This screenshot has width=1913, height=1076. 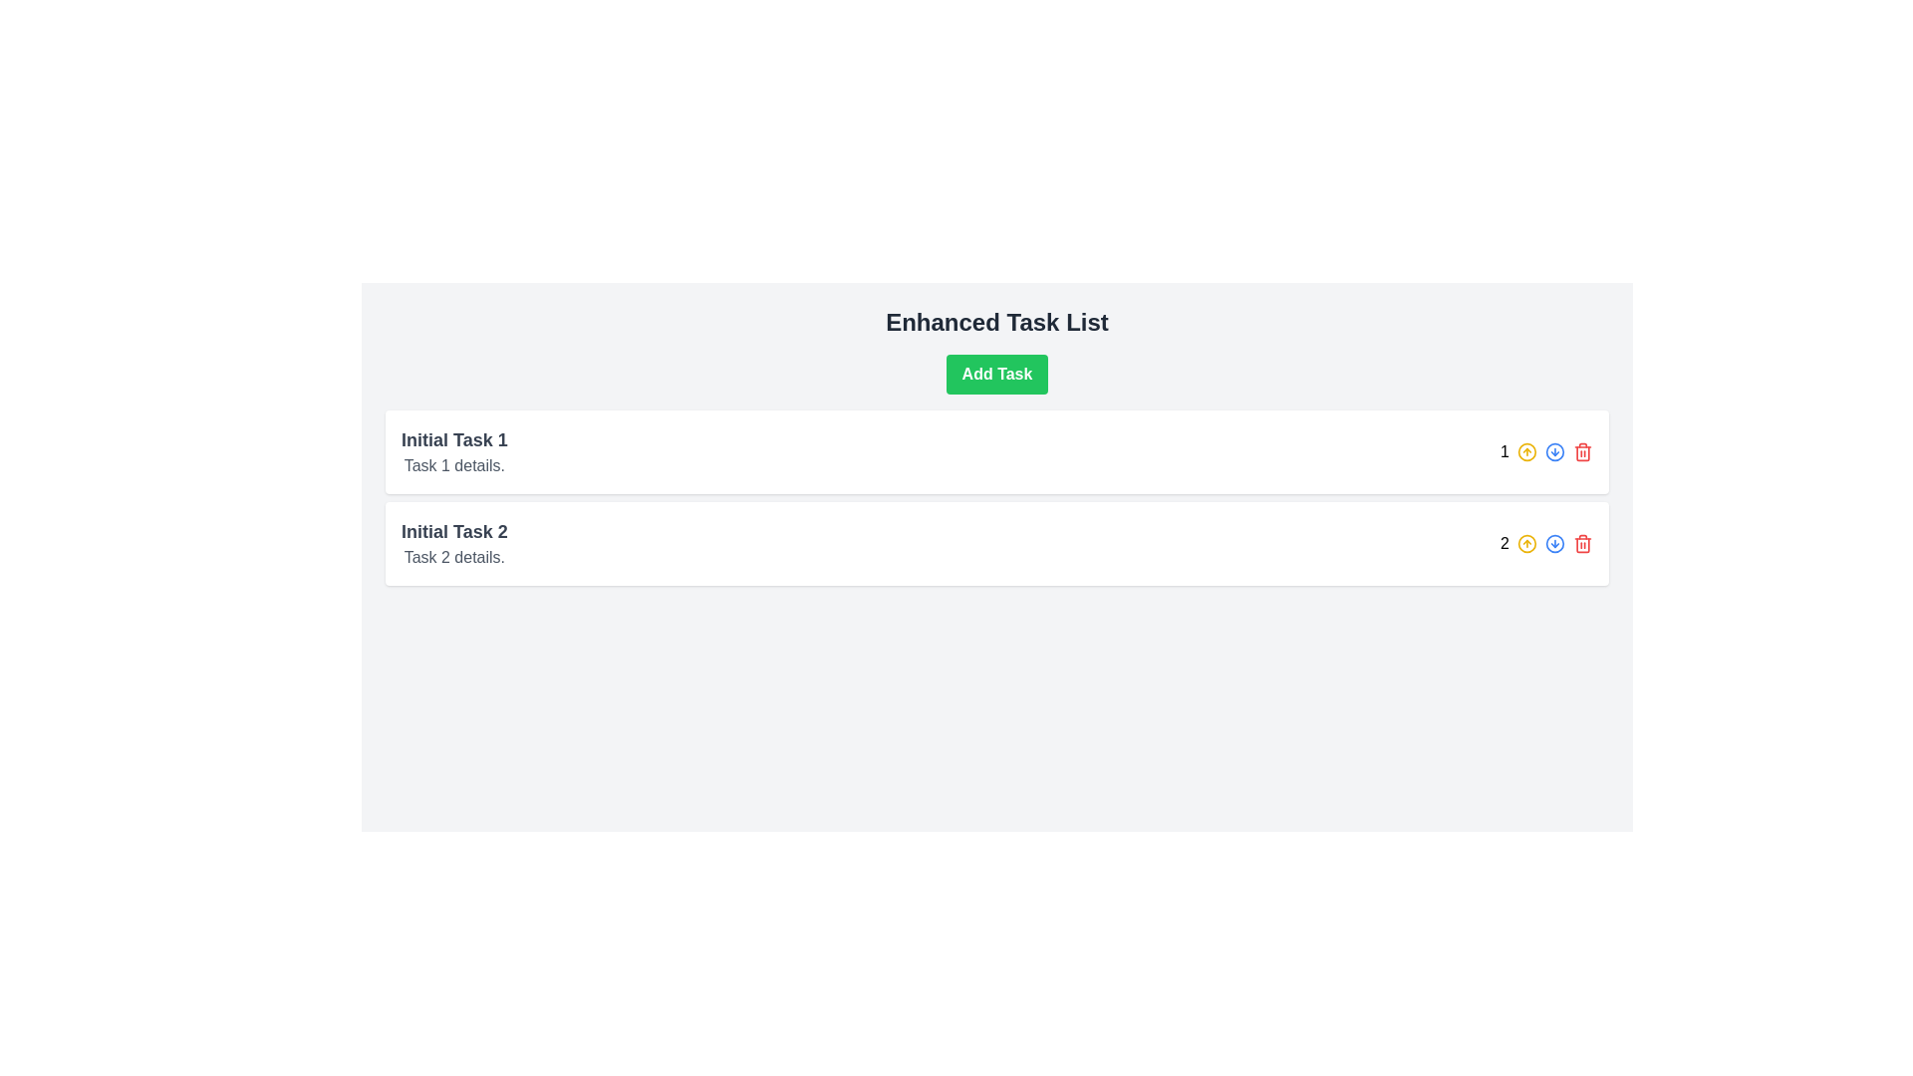 What do you see at coordinates (453, 439) in the screenshot?
I see `the Text Label that serves as the title or header for the task item, positioned above the 'Task 1 details' text in the vertical list` at bounding box center [453, 439].